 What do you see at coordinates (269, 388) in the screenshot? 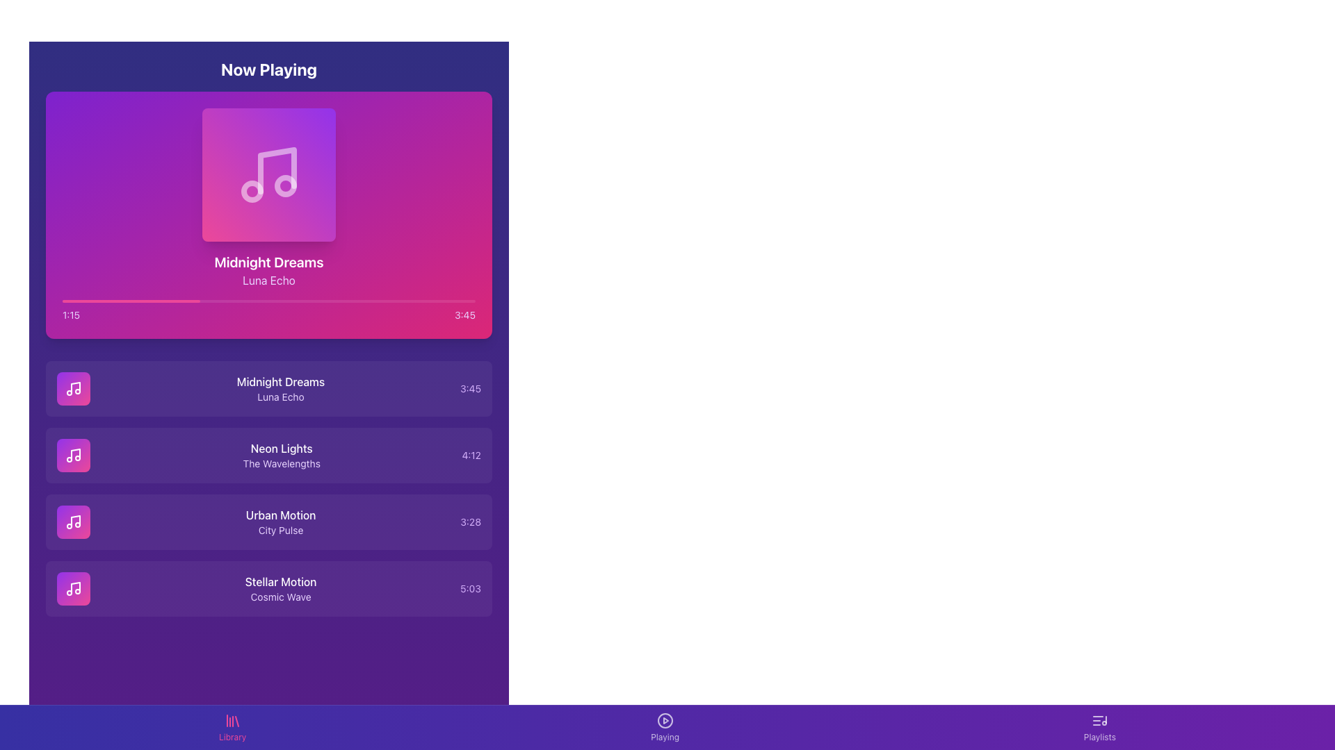
I see `the first song entry in the list, titled 'Midnight Dreams' by 'Luna Echo', which has a purple background and is located below the 'Now Playing' section` at bounding box center [269, 388].